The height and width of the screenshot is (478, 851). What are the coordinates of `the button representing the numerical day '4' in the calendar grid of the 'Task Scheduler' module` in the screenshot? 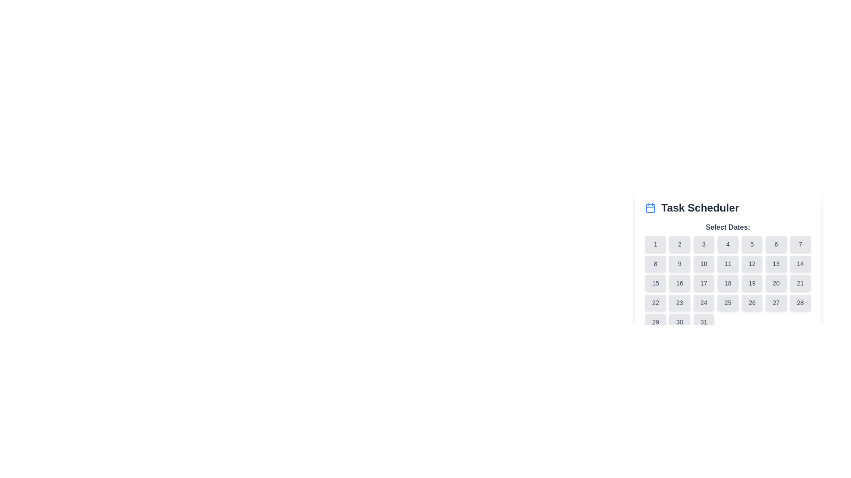 It's located at (728, 252).